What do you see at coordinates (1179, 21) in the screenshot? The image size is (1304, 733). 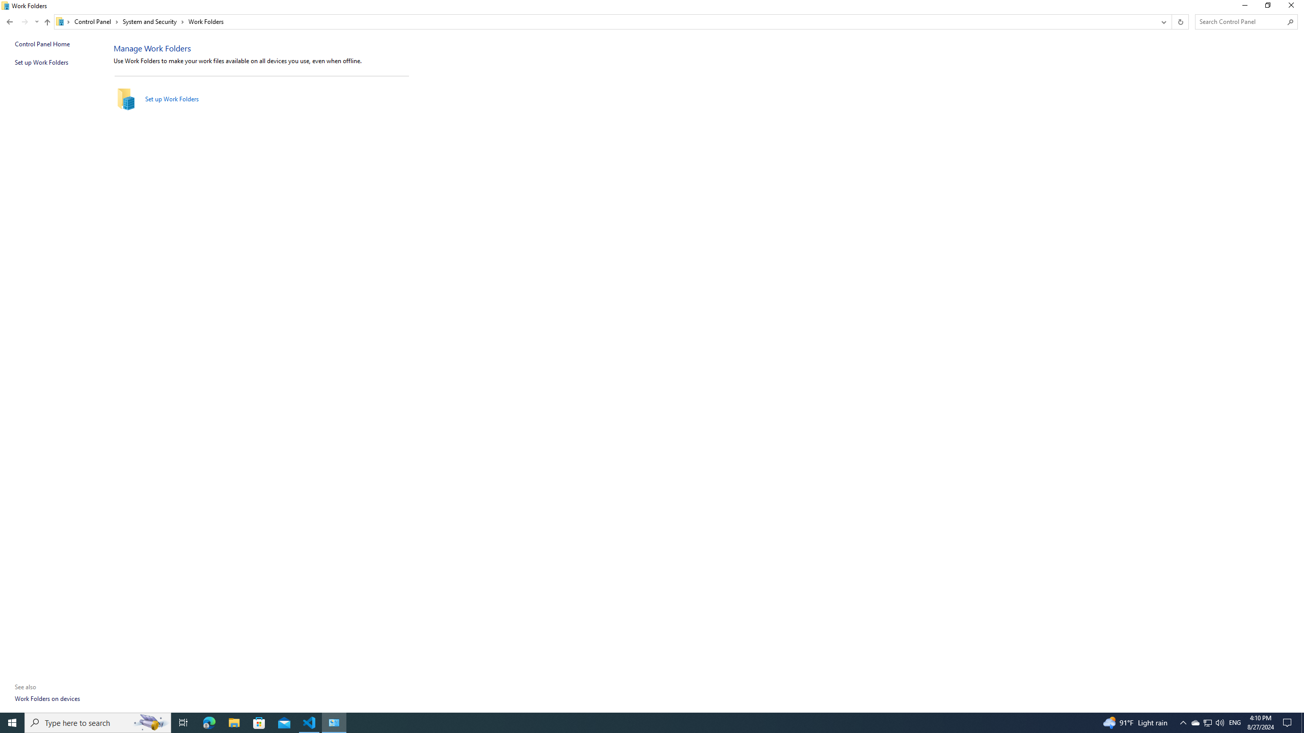 I see `'Refresh "Work Folders" (F5)'` at bounding box center [1179, 21].